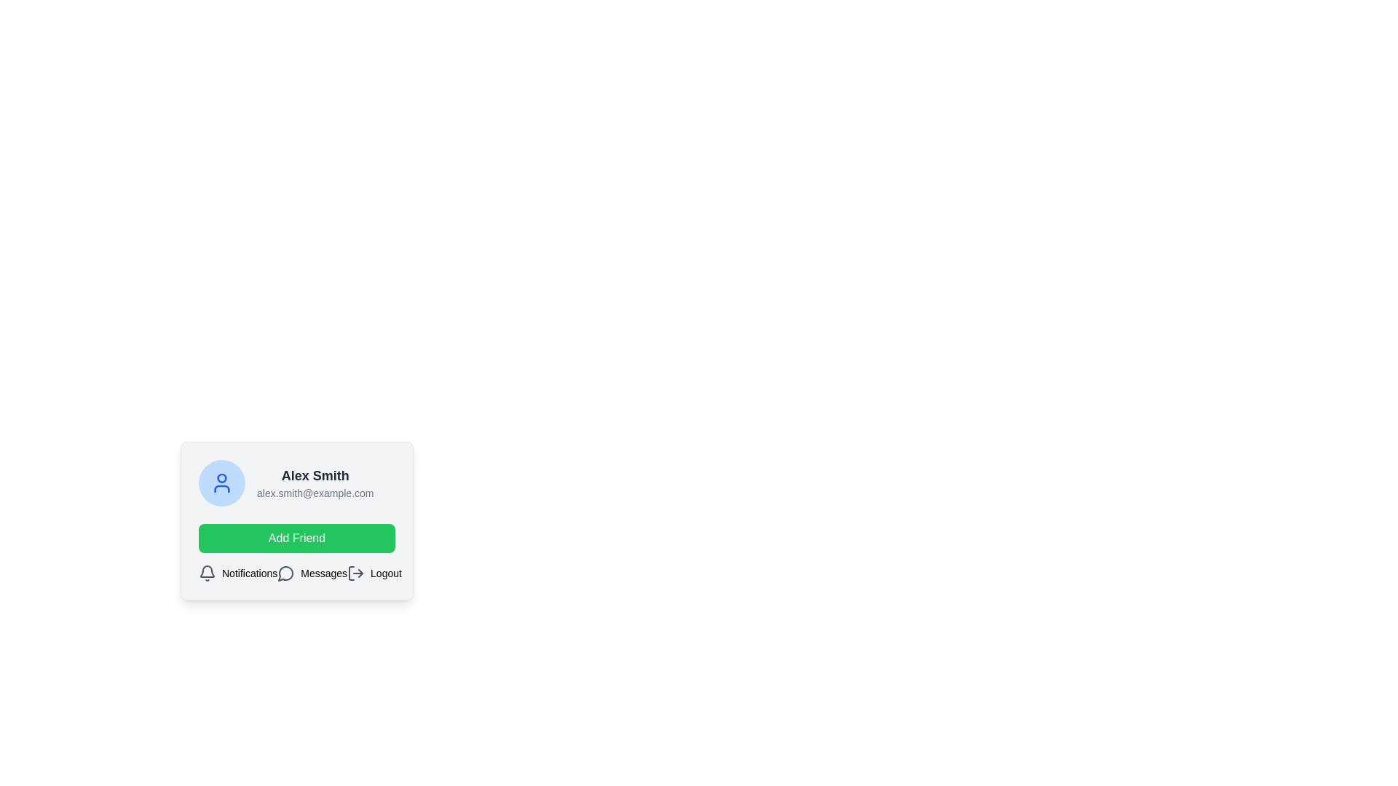 This screenshot has height=786, width=1398. I want to click on the text display showing the email address 'alex.smith@example.com', which is styled with smaller gray text below the name 'Alex Smith', so click(315, 493).